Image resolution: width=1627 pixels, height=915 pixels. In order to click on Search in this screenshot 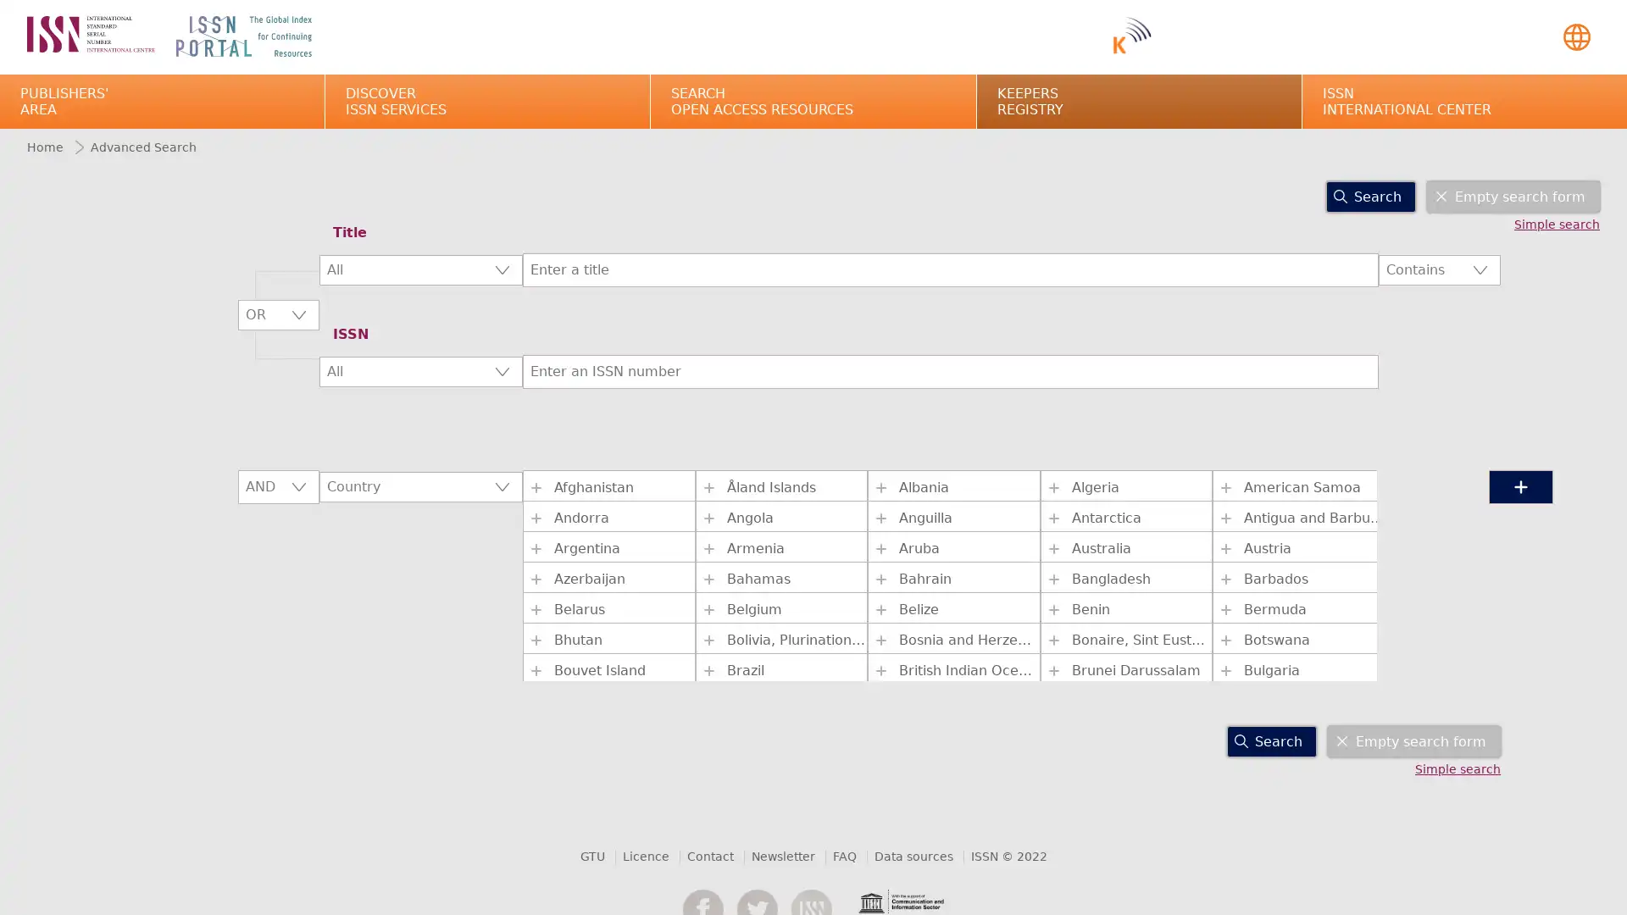, I will do `click(1370, 195)`.